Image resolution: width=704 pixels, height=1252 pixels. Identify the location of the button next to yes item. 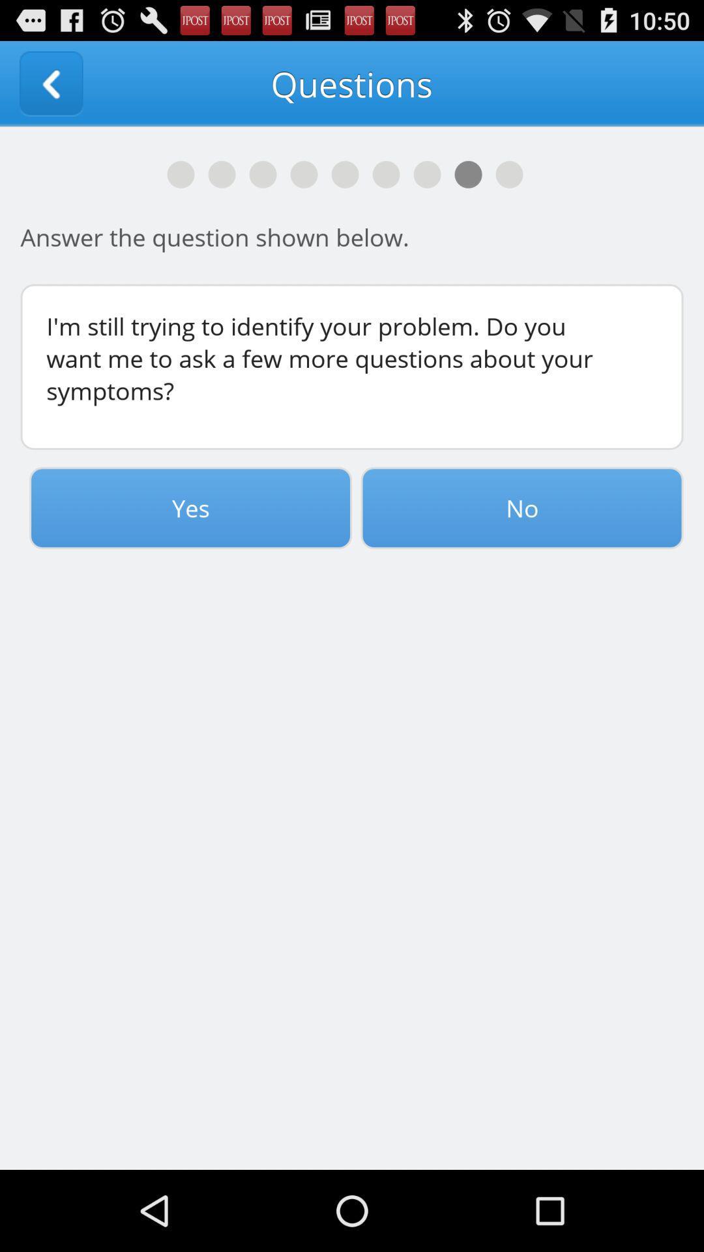
(521, 507).